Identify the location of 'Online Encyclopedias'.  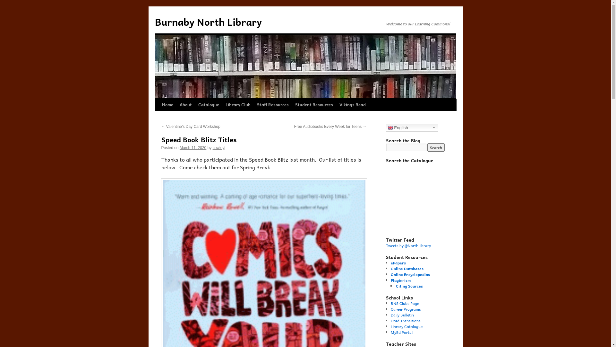
(410, 274).